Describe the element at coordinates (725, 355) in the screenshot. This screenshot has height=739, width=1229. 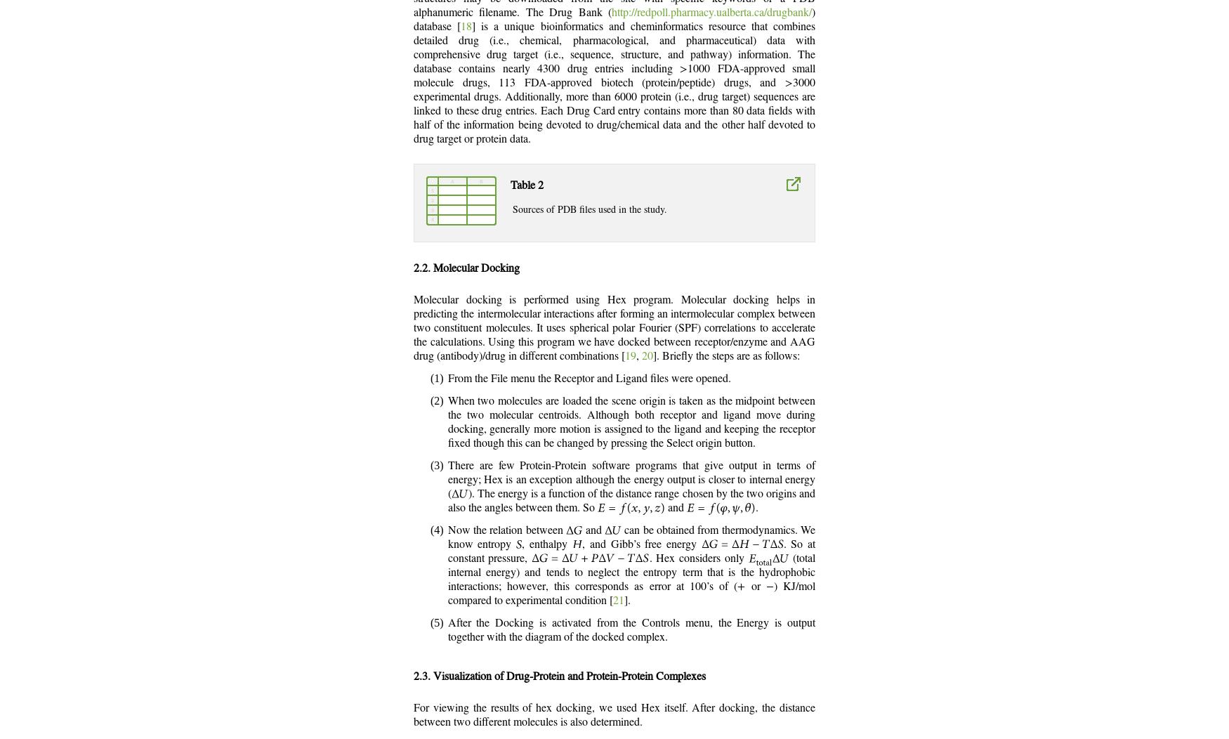
I see `']. Briefly the steps are as follows:'` at that location.